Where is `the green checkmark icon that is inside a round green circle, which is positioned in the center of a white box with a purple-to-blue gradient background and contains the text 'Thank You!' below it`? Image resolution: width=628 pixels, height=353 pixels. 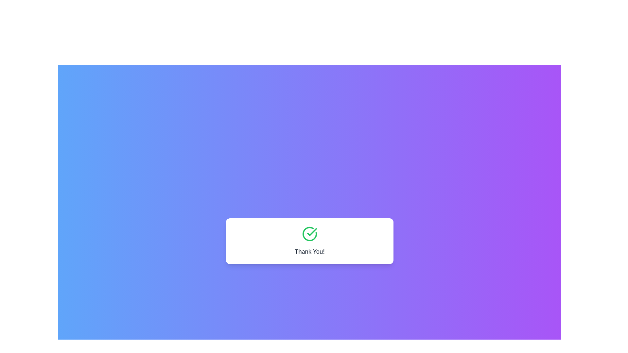 the green checkmark icon that is inside a round green circle, which is positioned in the center of a white box with a purple-to-blue gradient background and contains the text 'Thank You!' below it is located at coordinates (309, 234).